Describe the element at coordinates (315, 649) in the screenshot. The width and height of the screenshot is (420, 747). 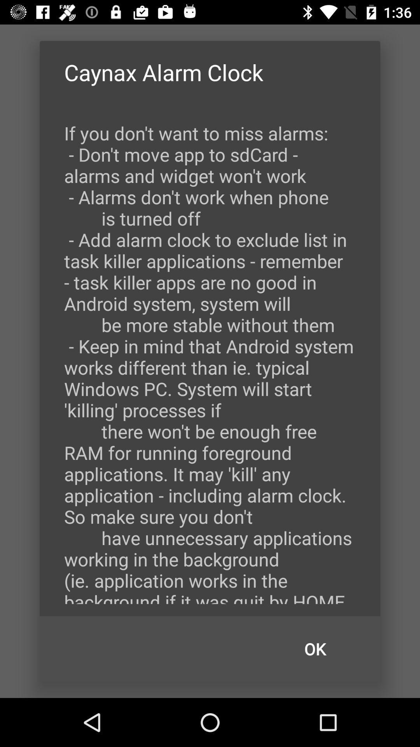
I see `ok item` at that location.